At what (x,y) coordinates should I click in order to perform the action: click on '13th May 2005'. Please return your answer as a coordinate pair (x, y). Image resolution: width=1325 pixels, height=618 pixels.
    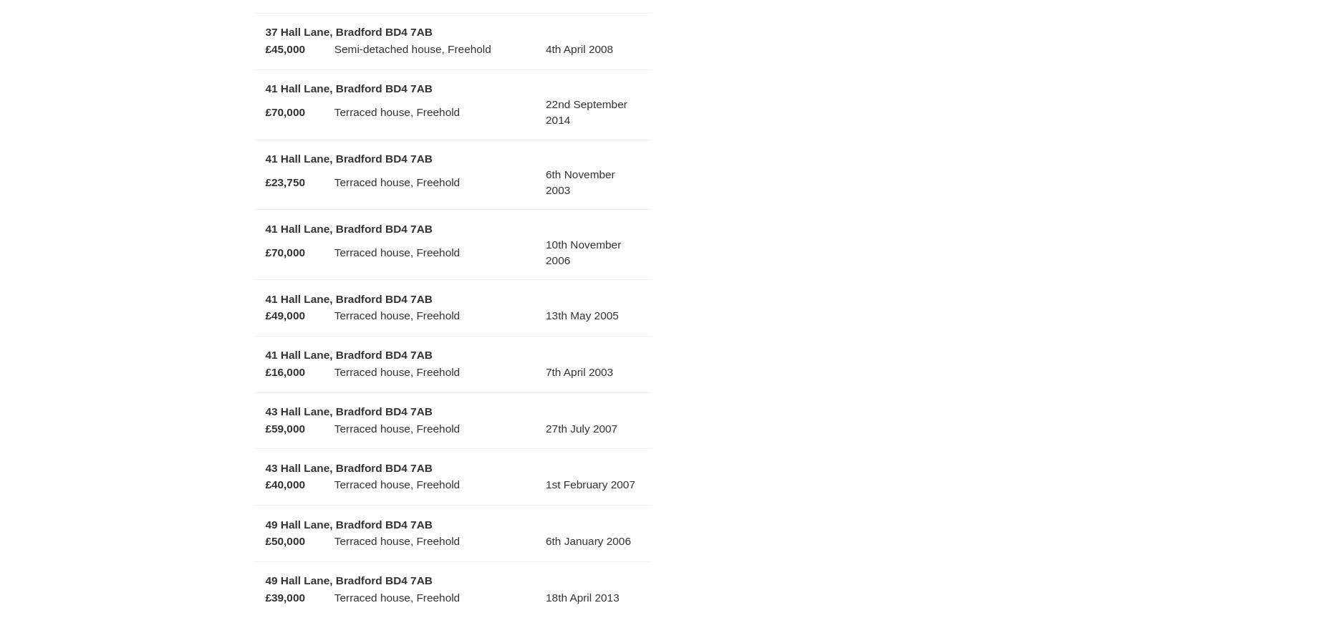
    Looking at the image, I should click on (582, 314).